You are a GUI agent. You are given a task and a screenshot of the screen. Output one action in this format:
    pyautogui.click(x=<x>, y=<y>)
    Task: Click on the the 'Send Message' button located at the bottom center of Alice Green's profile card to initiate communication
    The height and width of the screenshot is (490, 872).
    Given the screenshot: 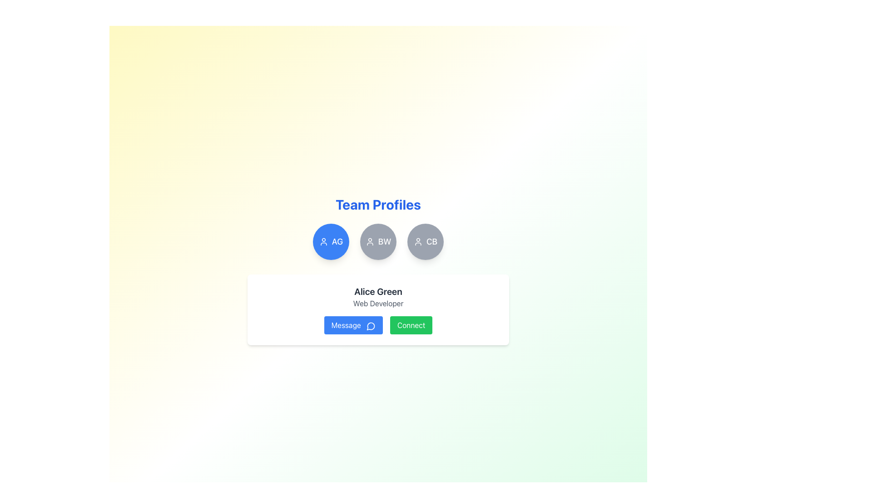 What is the action you would take?
    pyautogui.click(x=378, y=325)
    